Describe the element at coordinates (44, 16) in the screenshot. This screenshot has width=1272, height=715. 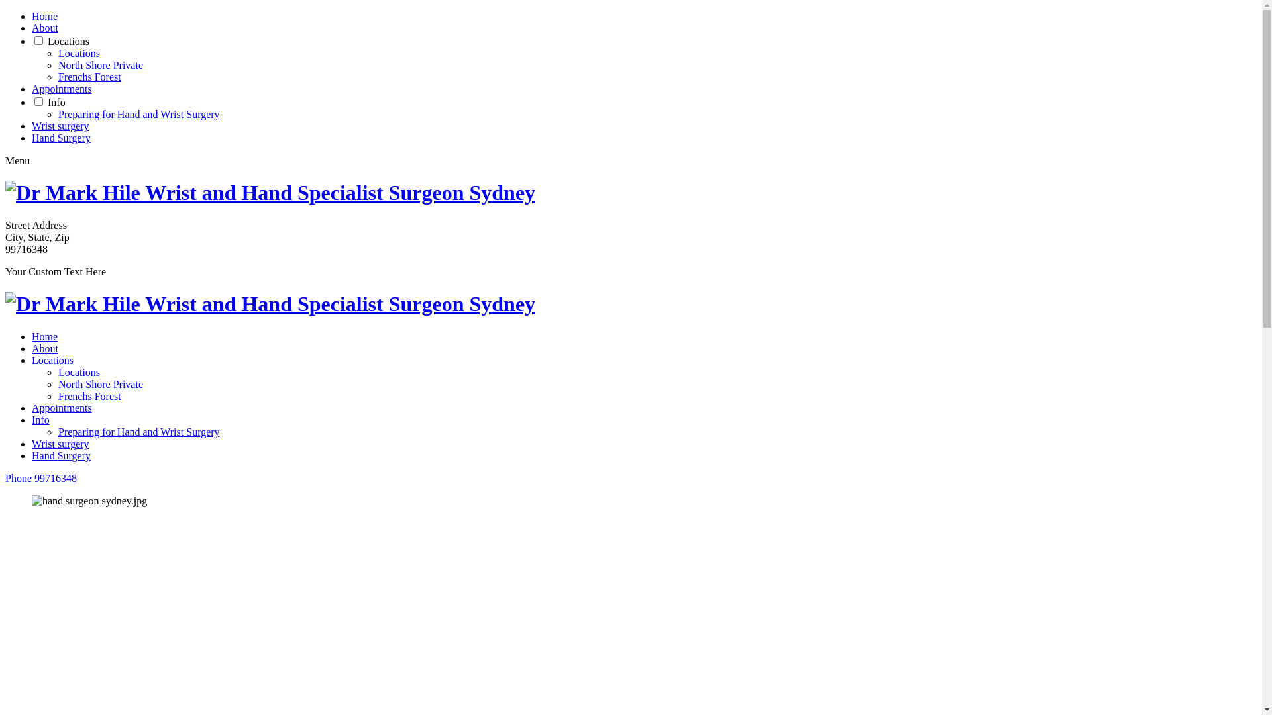
I see `'Home'` at that location.